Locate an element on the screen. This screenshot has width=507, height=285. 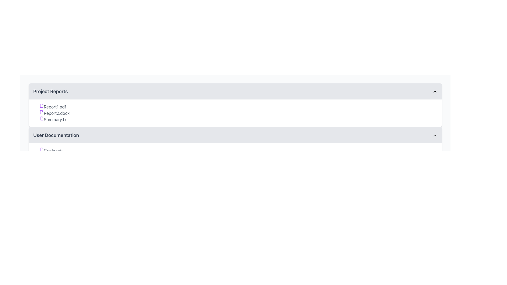
the Chevron Up icon located in the top-right corner of the 'Project Reports' section is located at coordinates (435, 91).